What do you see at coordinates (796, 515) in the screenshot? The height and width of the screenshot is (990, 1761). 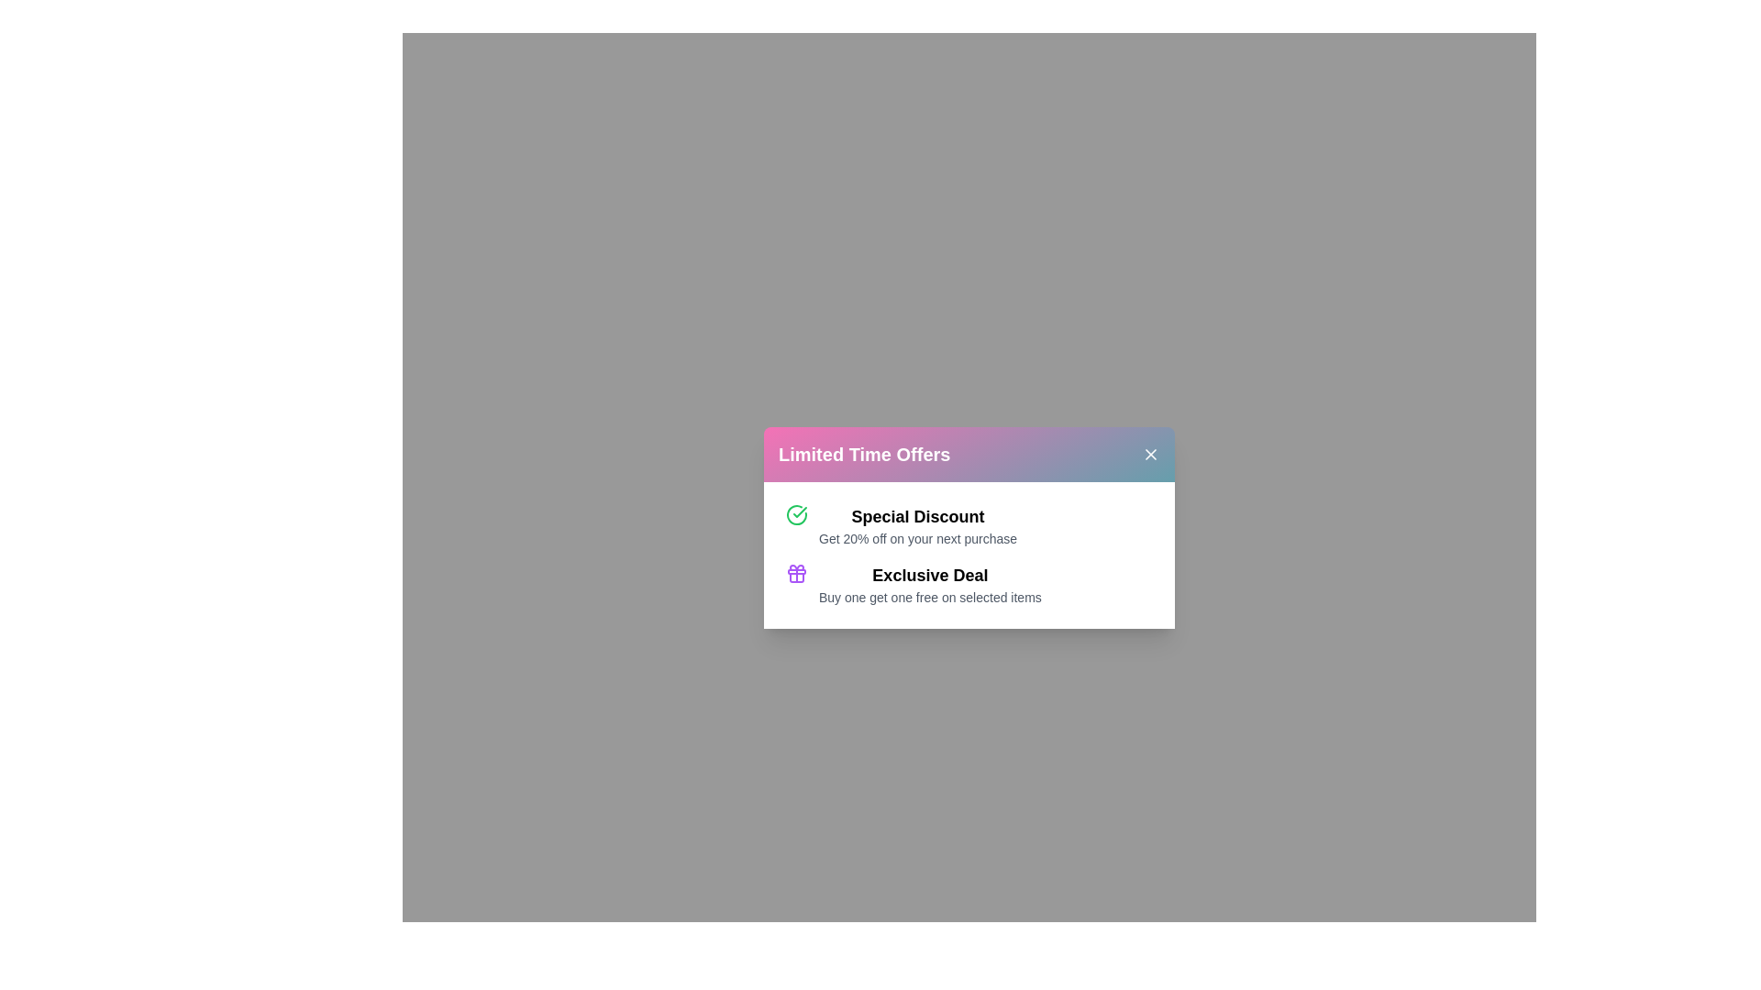 I see `the first offer to view its details` at bounding box center [796, 515].